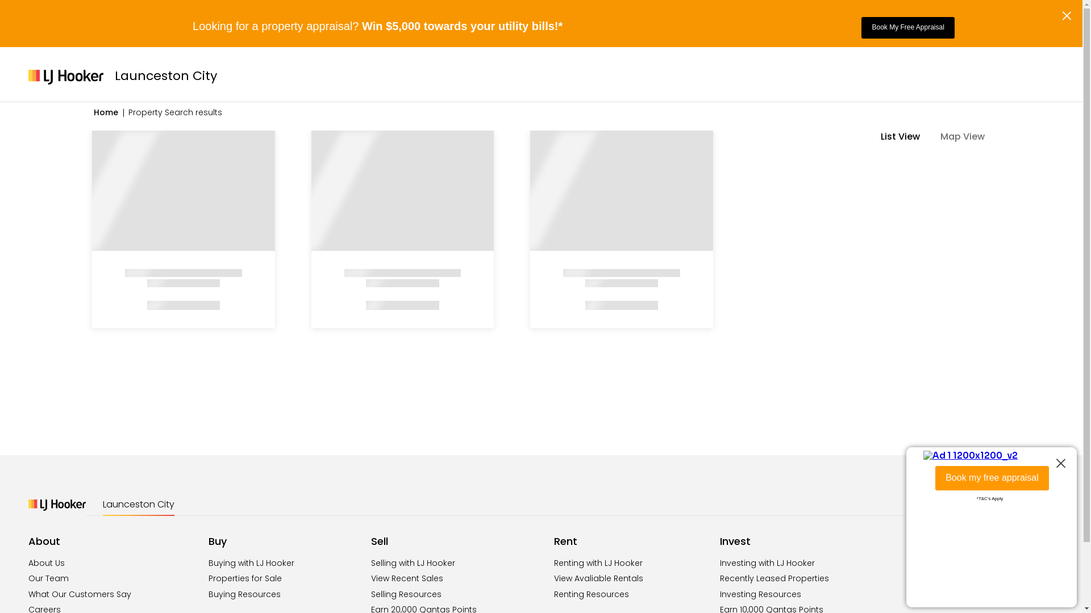 This screenshot has height=613, width=1091. What do you see at coordinates (79, 593) in the screenshot?
I see `'What Our Customers Say'` at bounding box center [79, 593].